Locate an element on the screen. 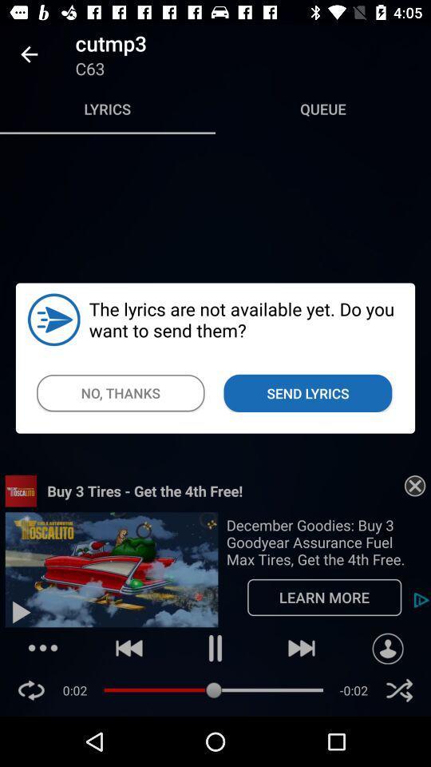  the close icon is located at coordinates (398, 690).